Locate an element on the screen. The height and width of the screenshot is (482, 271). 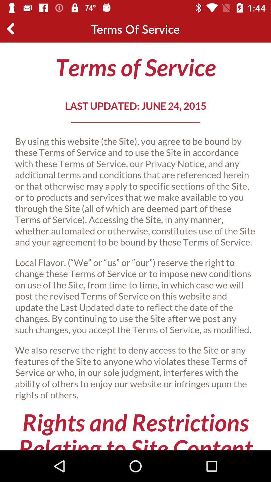
click the terms of service is located at coordinates (135, 246).